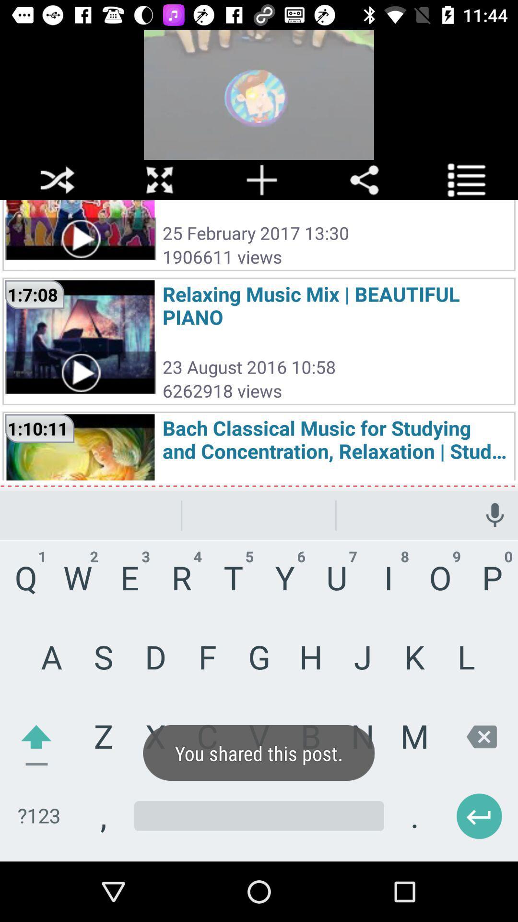 Image resolution: width=518 pixels, height=922 pixels. Describe the element at coordinates (262, 180) in the screenshot. I see `the add icon` at that location.